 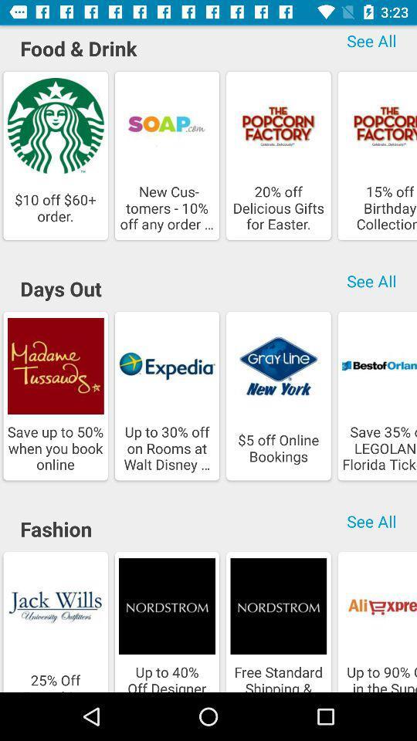 What do you see at coordinates (166, 395) in the screenshot?
I see `the image which is in the second row second image` at bounding box center [166, 395].